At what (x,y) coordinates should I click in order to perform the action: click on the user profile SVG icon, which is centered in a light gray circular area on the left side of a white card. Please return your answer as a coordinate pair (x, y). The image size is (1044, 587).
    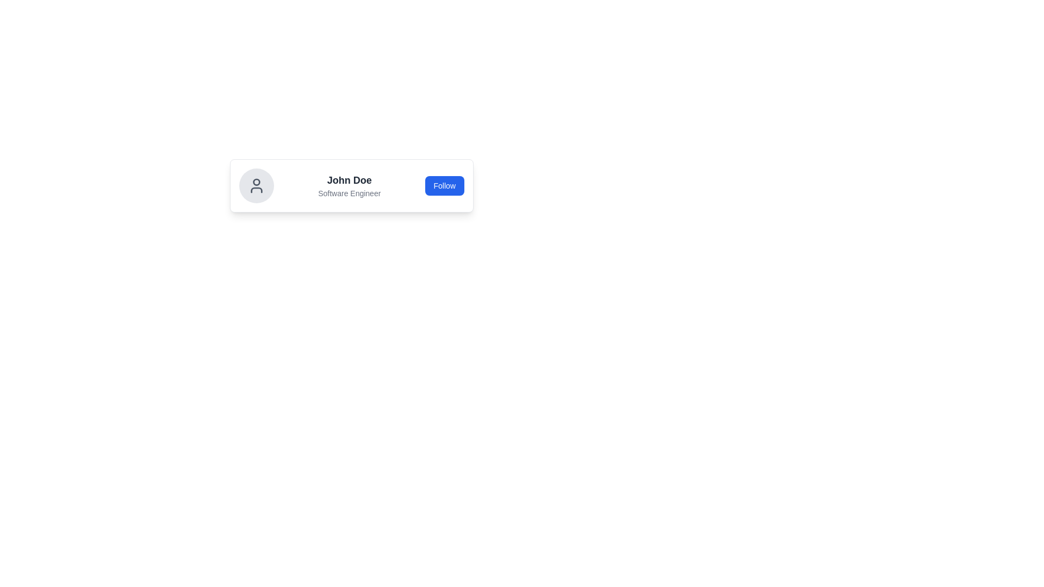
    Looking at the image, I should click on (256, 185).